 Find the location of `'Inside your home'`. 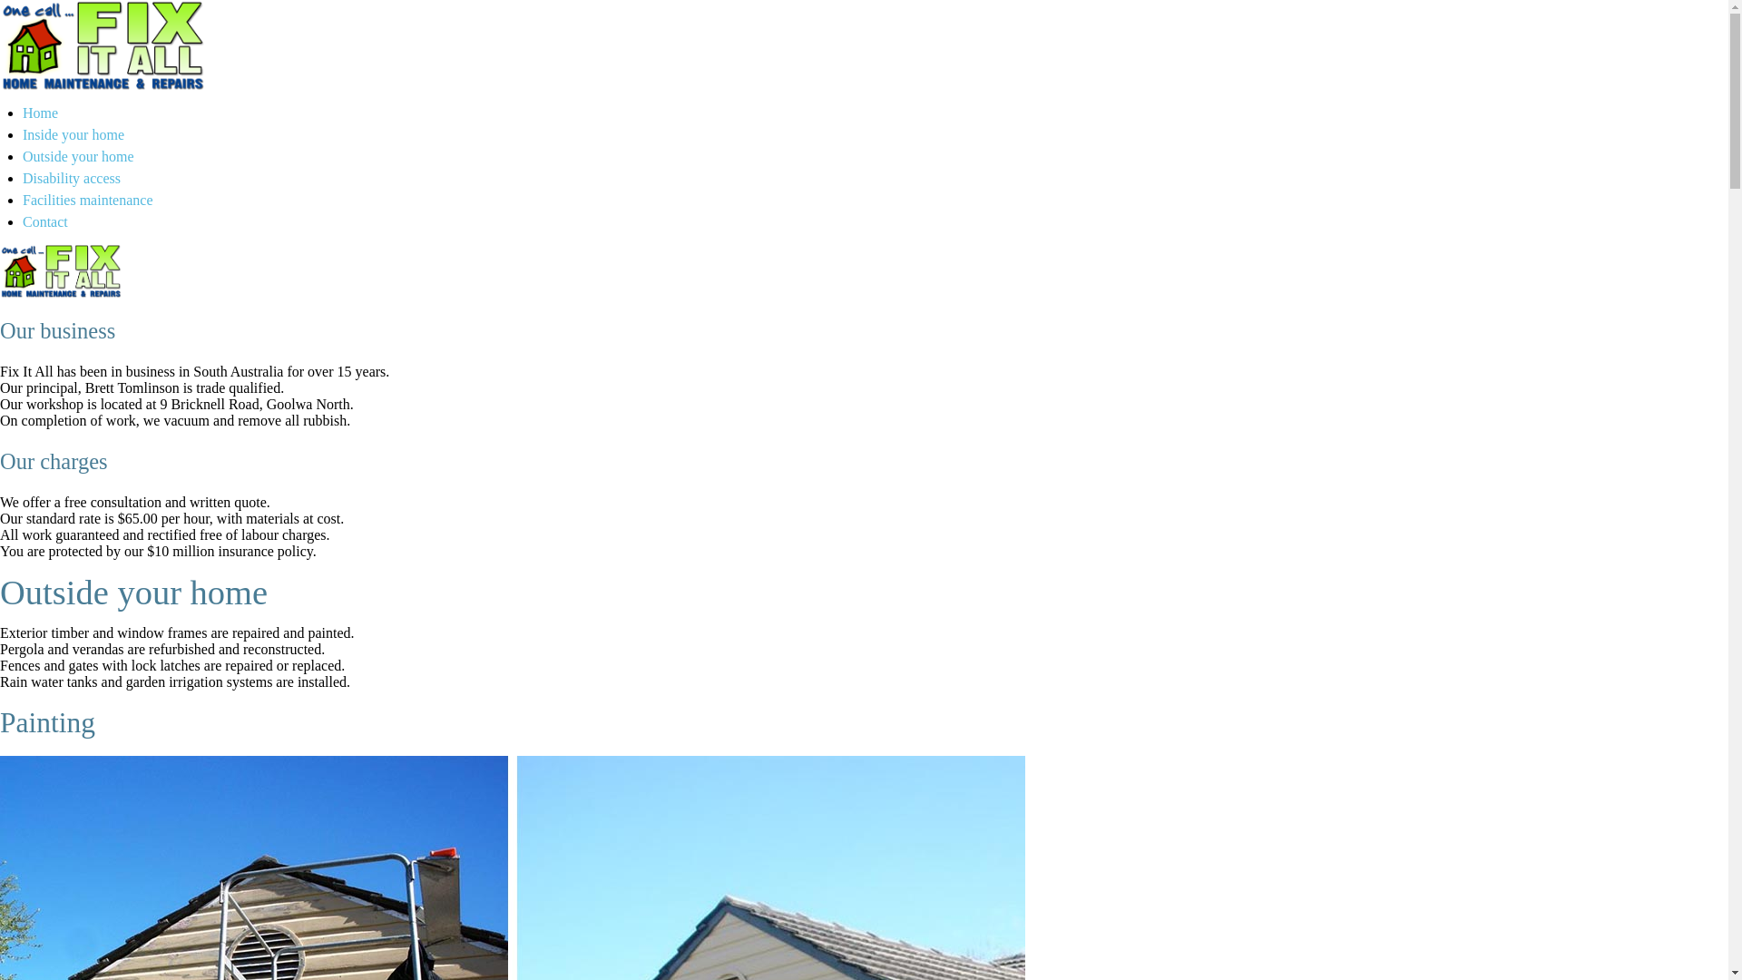

'Inside your home' is located at coordinates (73, 133).